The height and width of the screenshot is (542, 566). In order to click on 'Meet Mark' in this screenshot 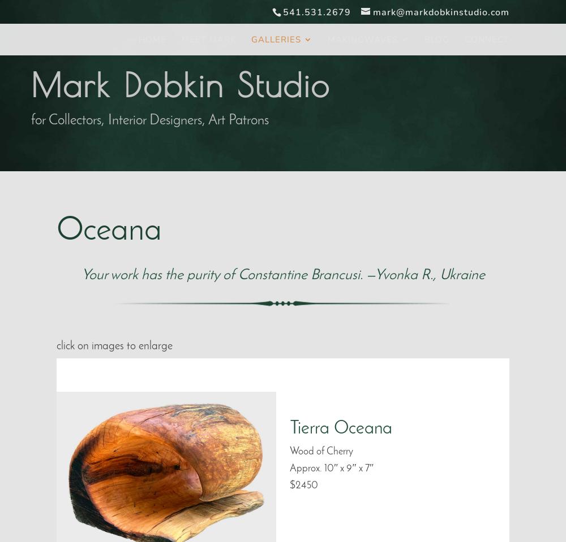, I will do `click(208, 40)`.